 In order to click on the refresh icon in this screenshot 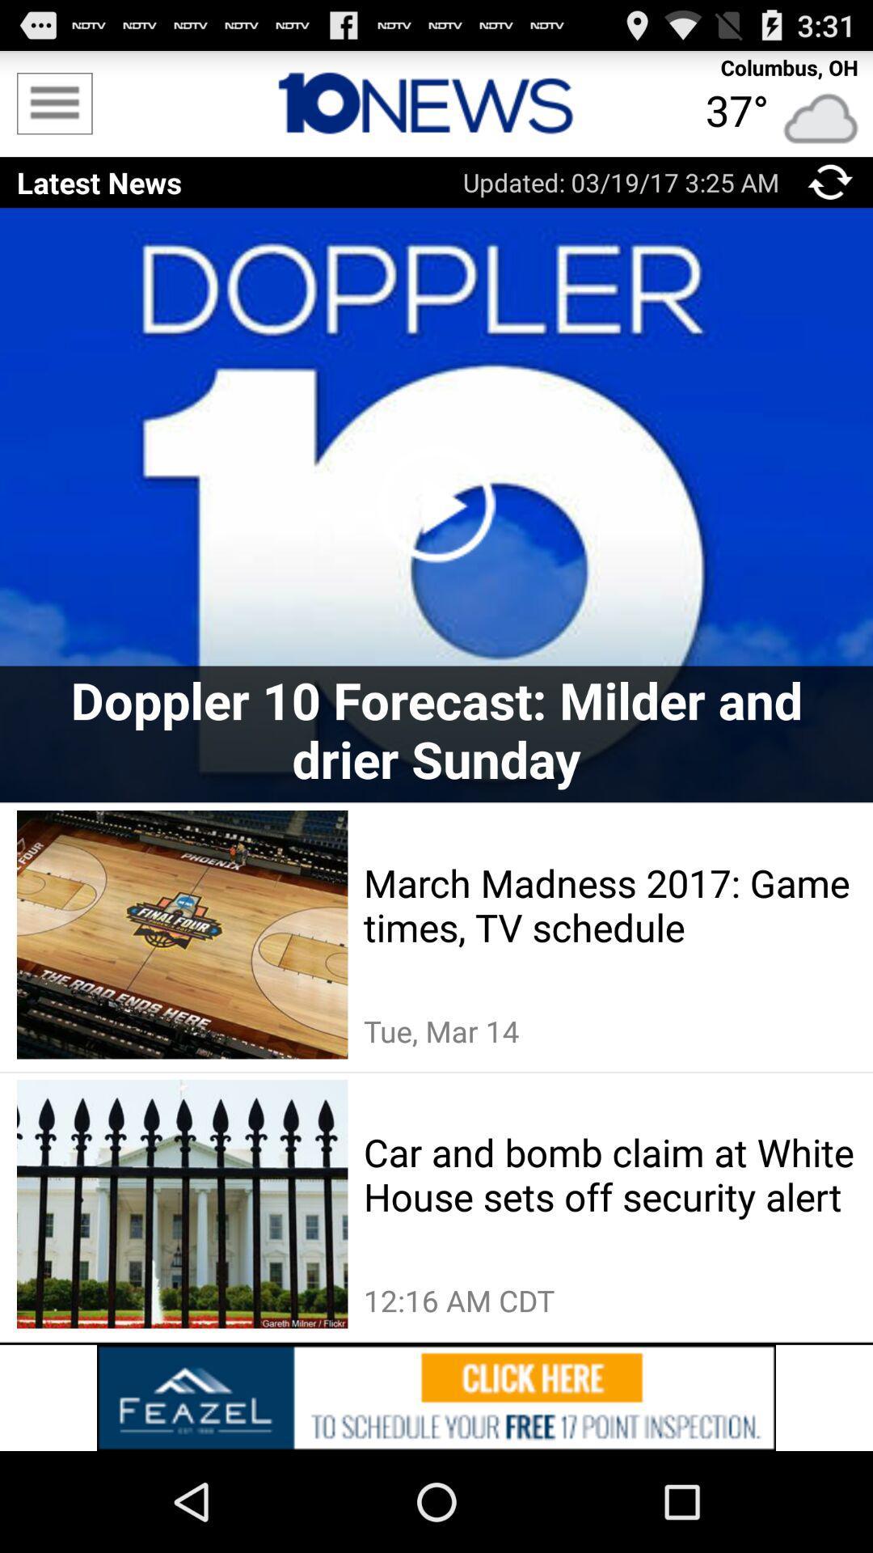, I will do `click(830, 194)`.